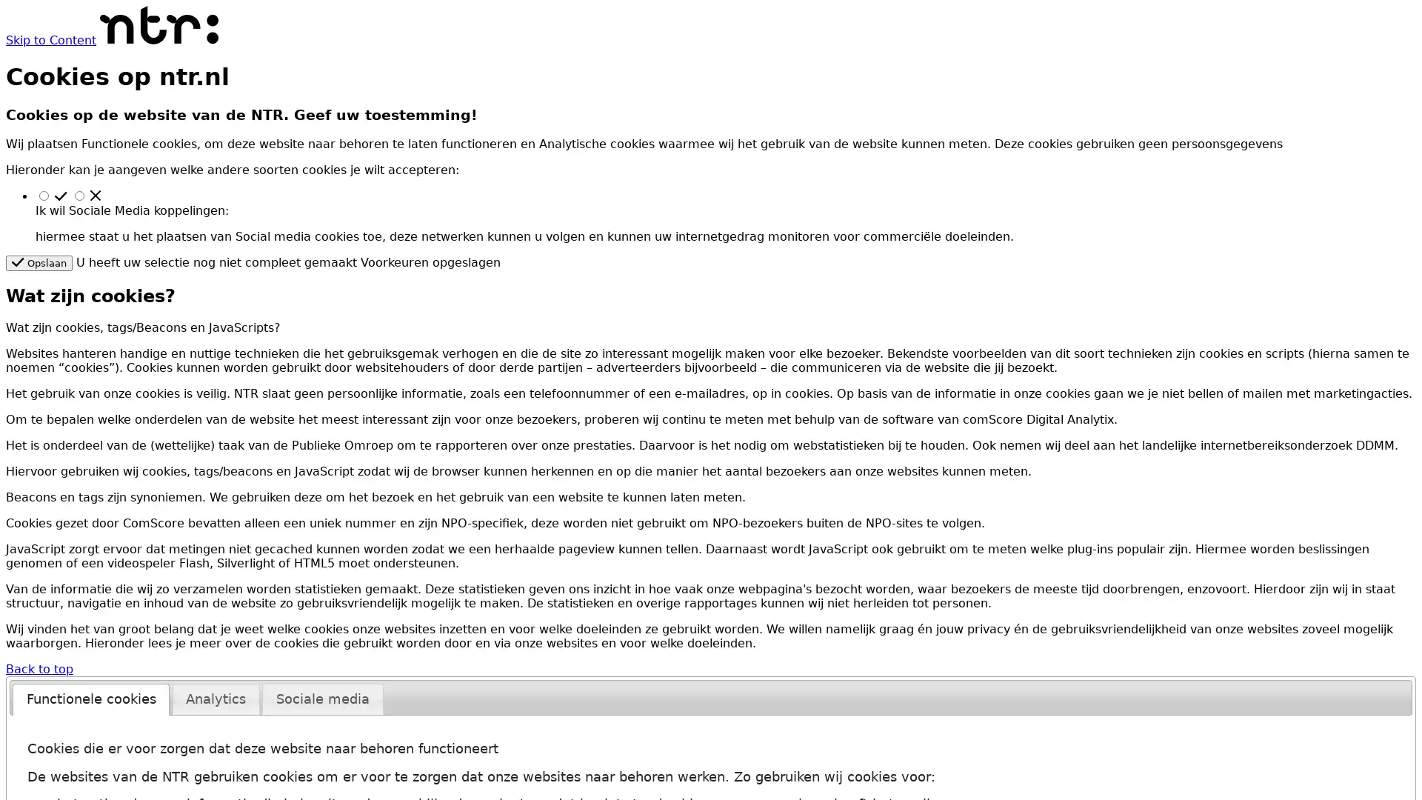  Describe the element at coordinates (39, 261) in the screenshot. I see `Opslaan` at that location.